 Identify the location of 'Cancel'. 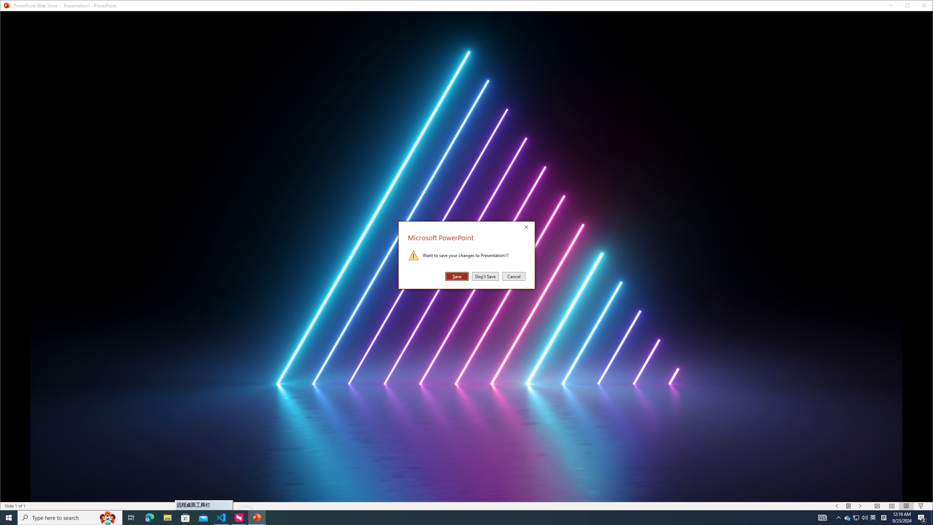
(514, 276).